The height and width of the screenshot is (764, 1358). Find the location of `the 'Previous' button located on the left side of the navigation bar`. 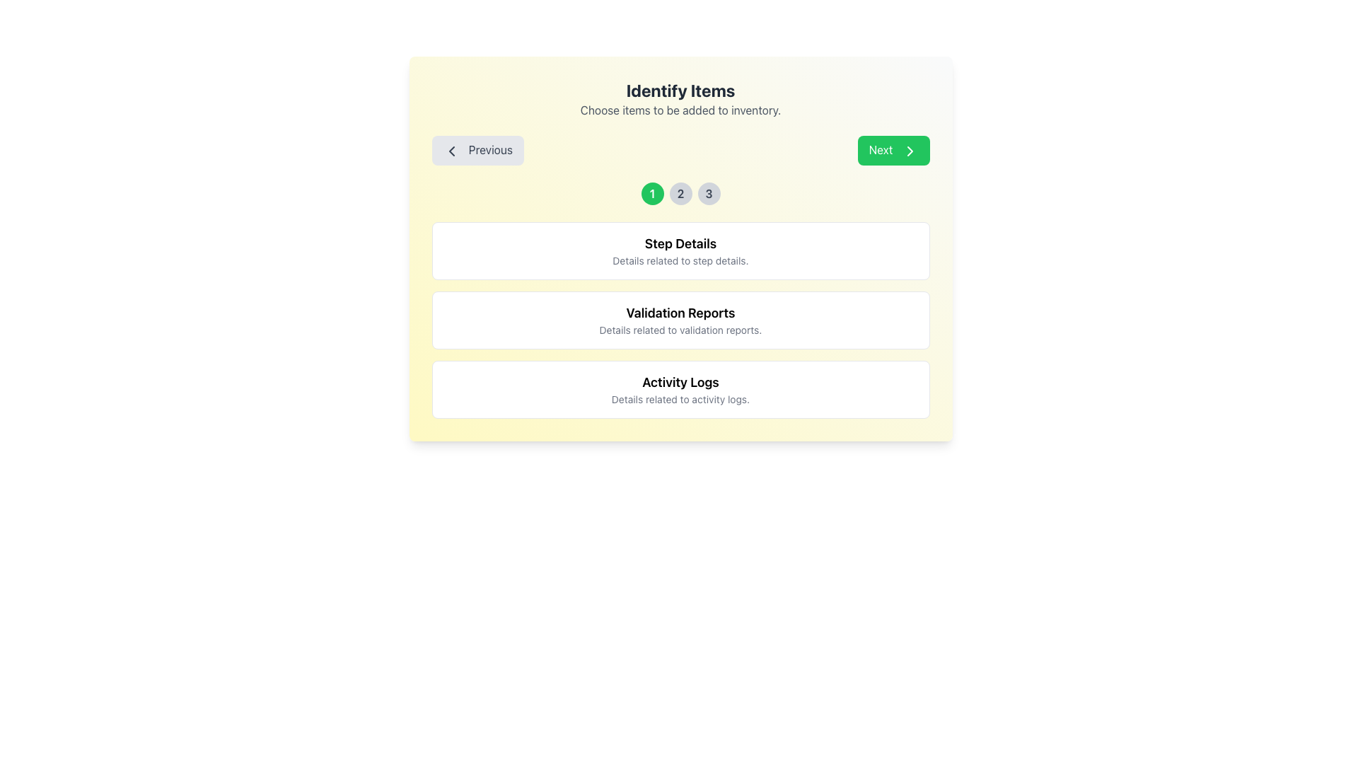

the 'Previous' button located on the left side of the navigation bar is located at coordinates (477, 150).